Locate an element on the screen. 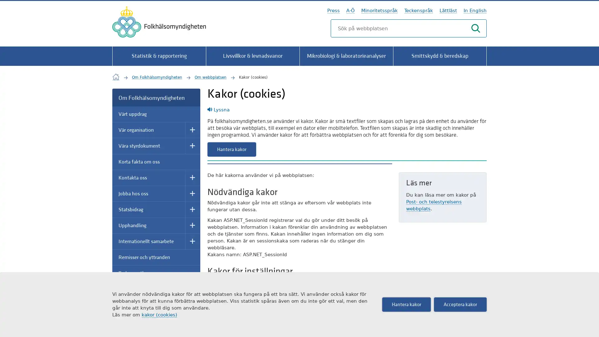 The height and width of the screenshot is (337, 599). Hantera kakor is located at coordinates (231, 149).